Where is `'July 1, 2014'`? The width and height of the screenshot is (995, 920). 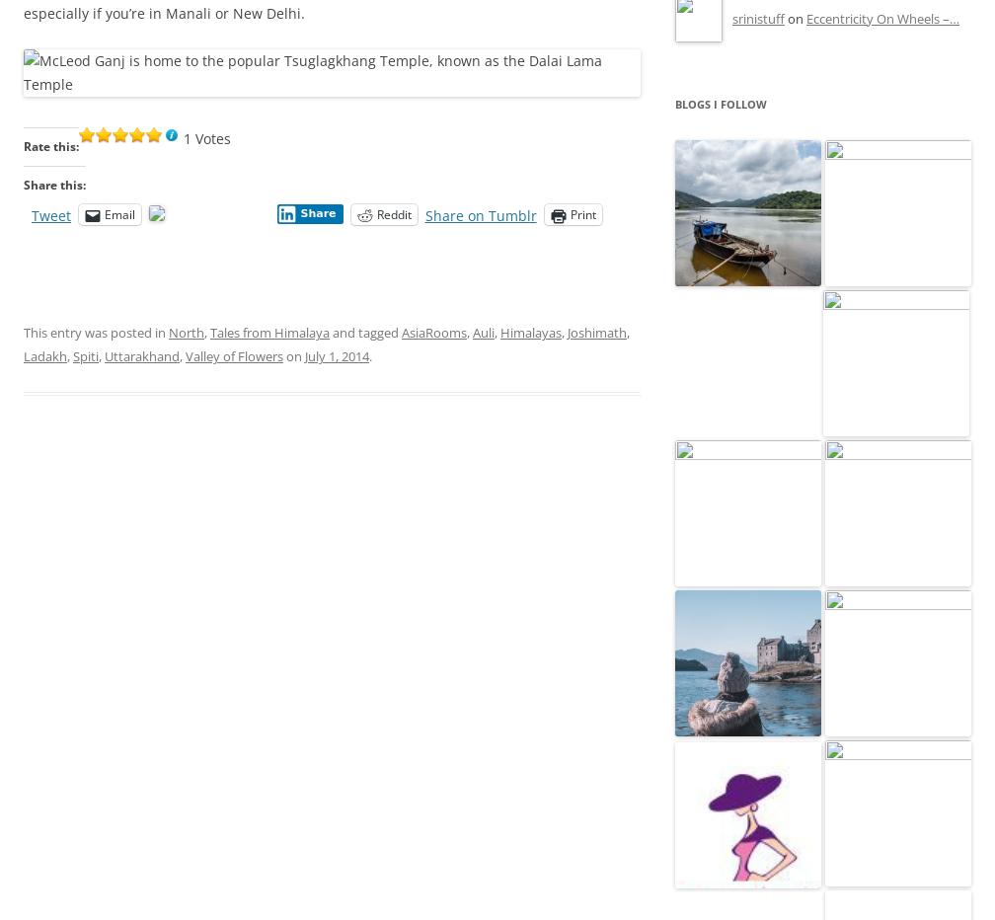
'July 1, 2014' is located at coordinates (304, 354).